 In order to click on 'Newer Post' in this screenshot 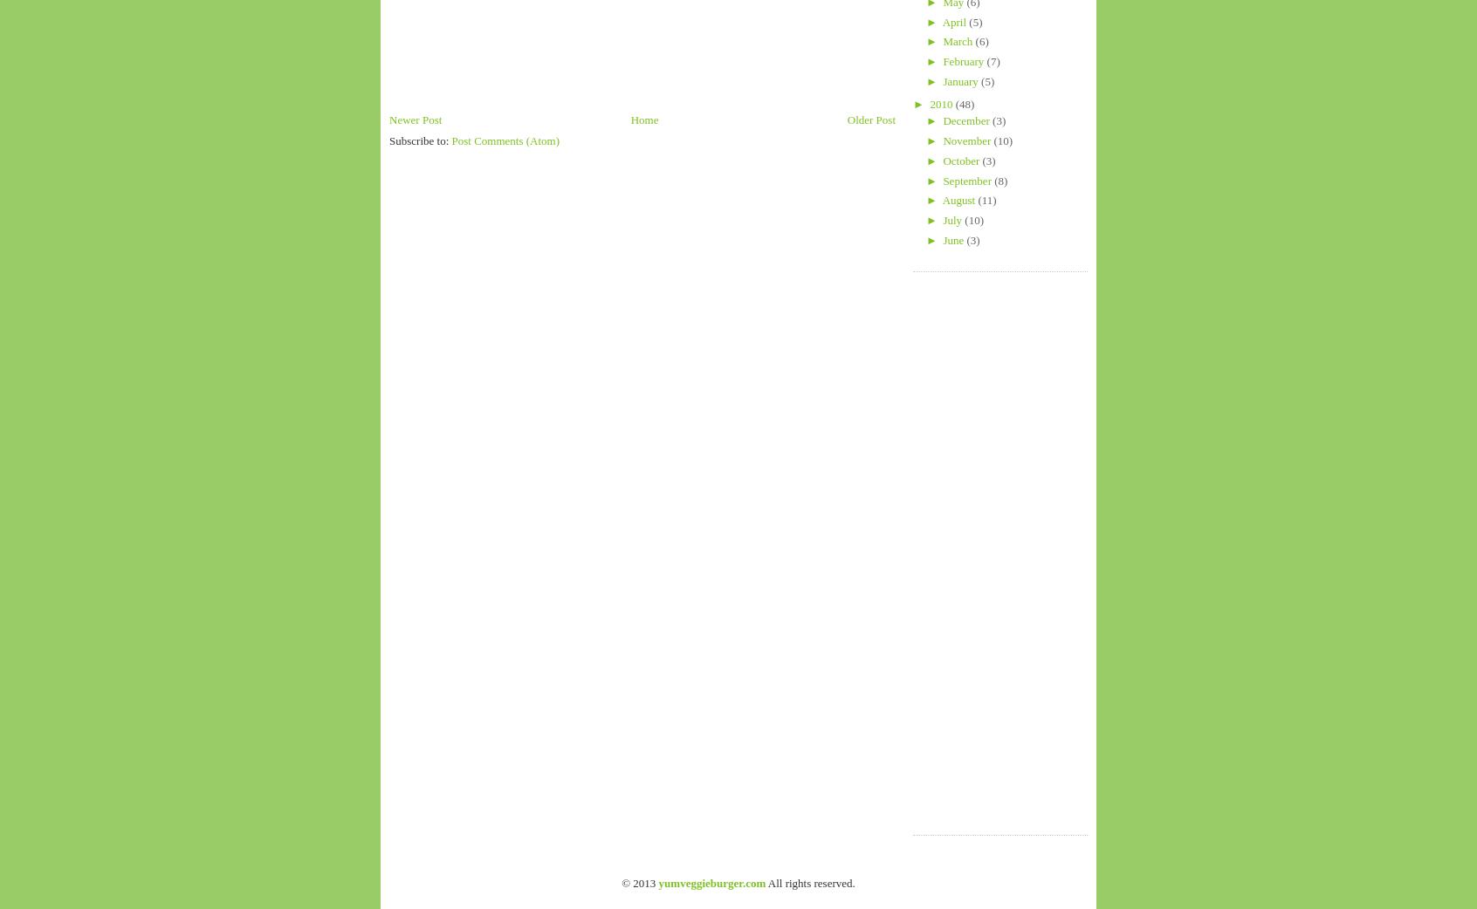, I will do `click(414, 119)`.